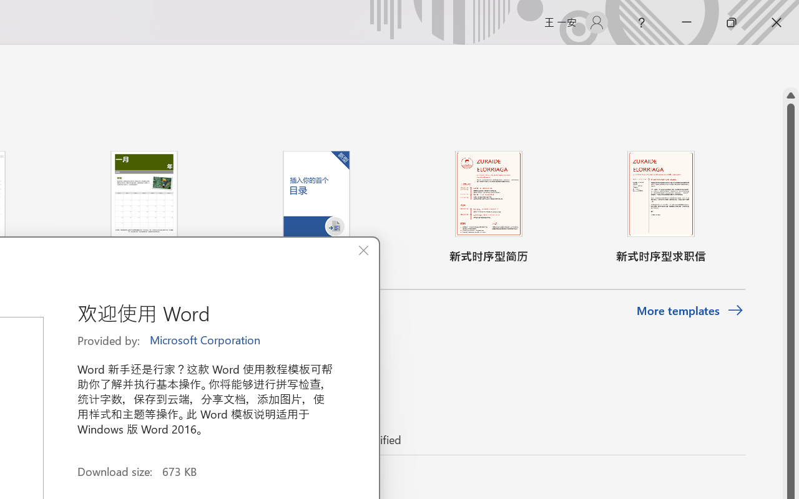 This screenshot has height=499, width=799. I want to click on 'More templates', so click(689, 311).